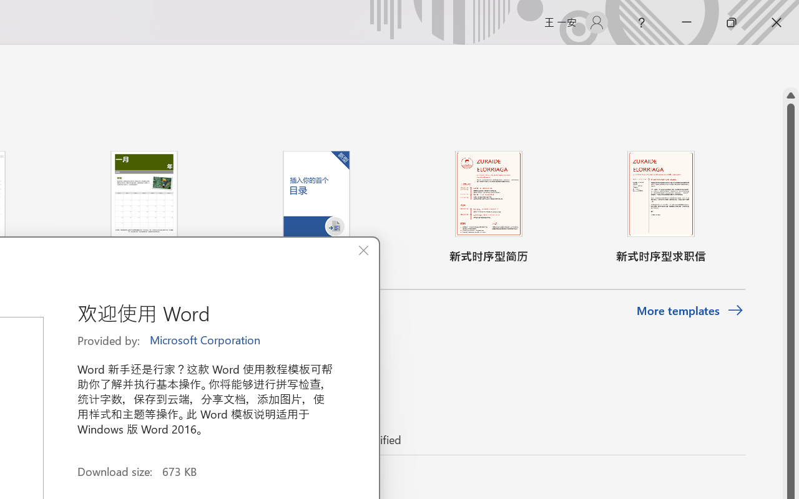 This screenshot has height=499, width=799. I want to click on 'More templates', so click(689, 311).